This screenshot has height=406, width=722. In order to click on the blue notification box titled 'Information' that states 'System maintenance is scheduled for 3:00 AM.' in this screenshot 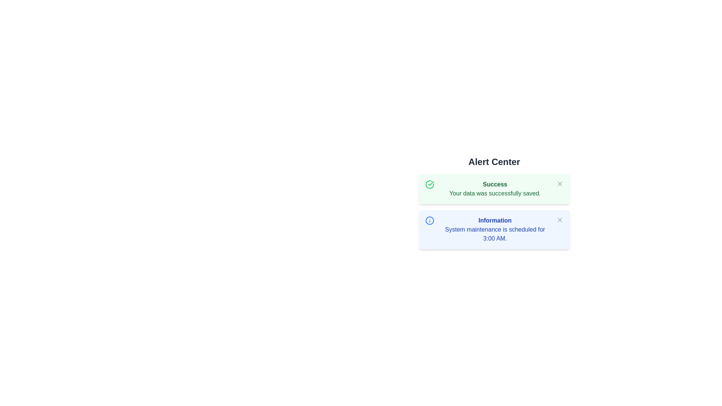, I will do `click(495, 229)`.